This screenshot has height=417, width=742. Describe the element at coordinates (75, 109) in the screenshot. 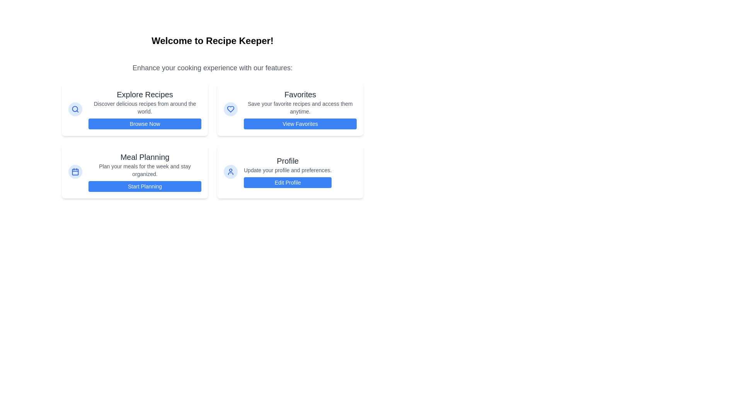

I see `the clickable search icon located inside the 'Explore Recipes' card at the top left of the grid` at that location.